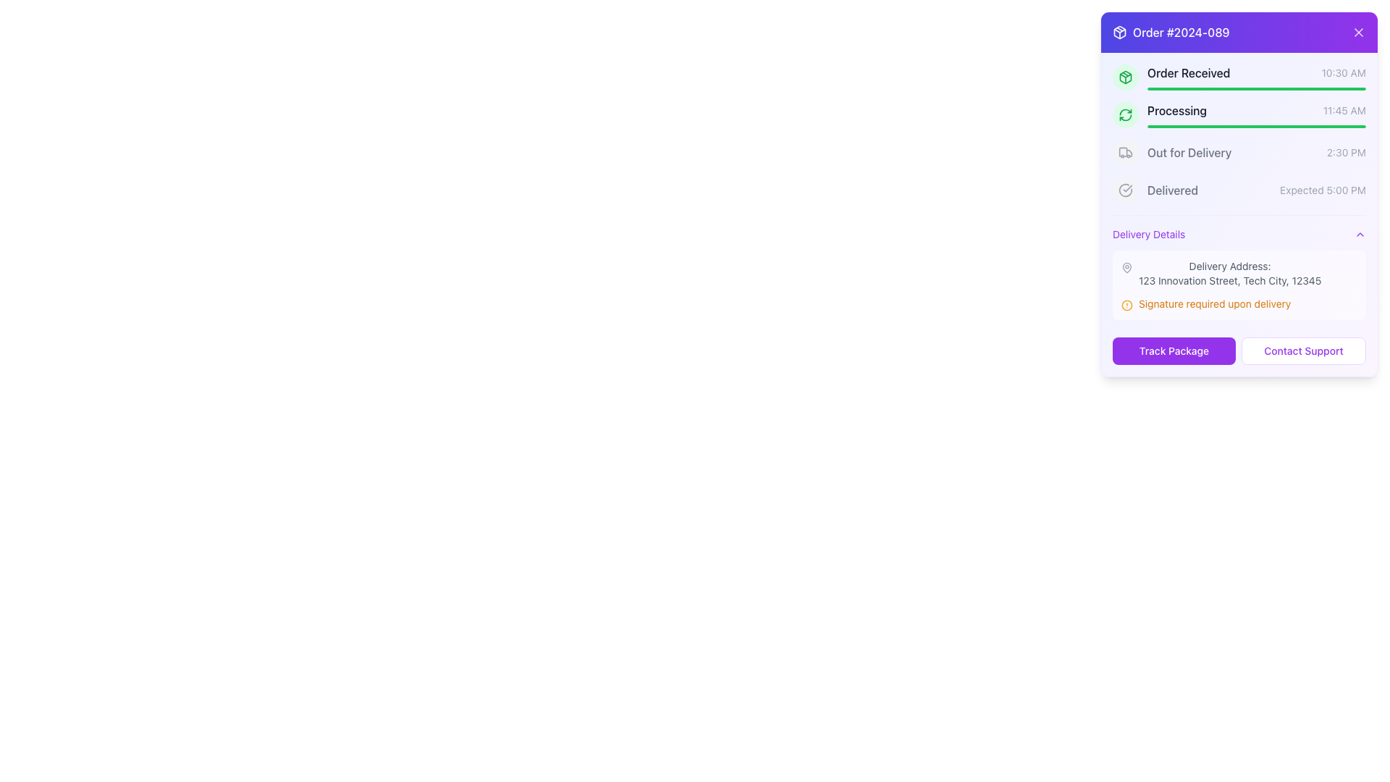  Describe the element at coordinates (1323, 189) in the screenshot. I see `the static text label that indicates the expected delivery time, located to the right of the 'Delivered' label in the delivery statuses list` at that location.